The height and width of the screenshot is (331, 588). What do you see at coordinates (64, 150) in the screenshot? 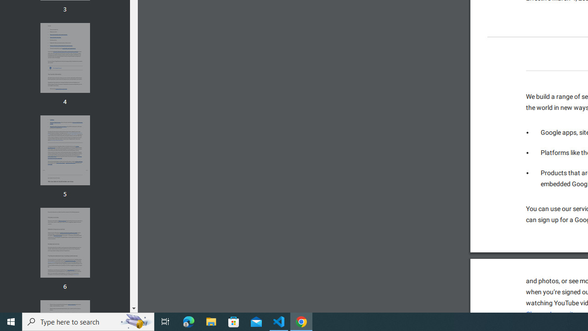
I see `'Thumbnail for page 5'` at bounding box center [64, 150].